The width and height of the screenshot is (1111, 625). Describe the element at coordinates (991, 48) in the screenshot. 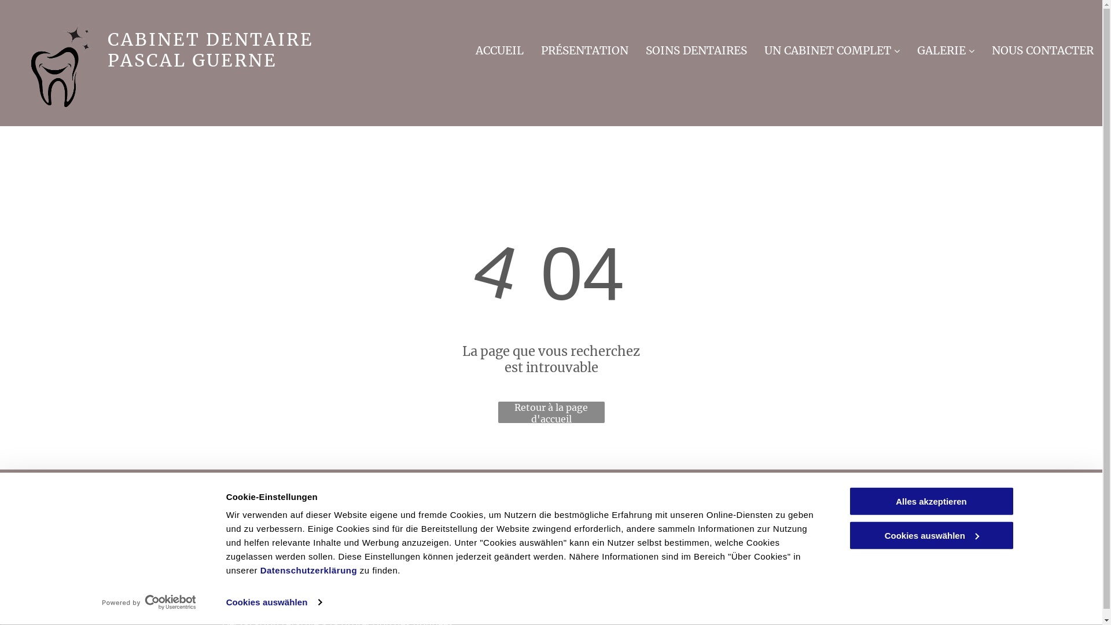

I see `'NOUS CONTACTER'` at that location.